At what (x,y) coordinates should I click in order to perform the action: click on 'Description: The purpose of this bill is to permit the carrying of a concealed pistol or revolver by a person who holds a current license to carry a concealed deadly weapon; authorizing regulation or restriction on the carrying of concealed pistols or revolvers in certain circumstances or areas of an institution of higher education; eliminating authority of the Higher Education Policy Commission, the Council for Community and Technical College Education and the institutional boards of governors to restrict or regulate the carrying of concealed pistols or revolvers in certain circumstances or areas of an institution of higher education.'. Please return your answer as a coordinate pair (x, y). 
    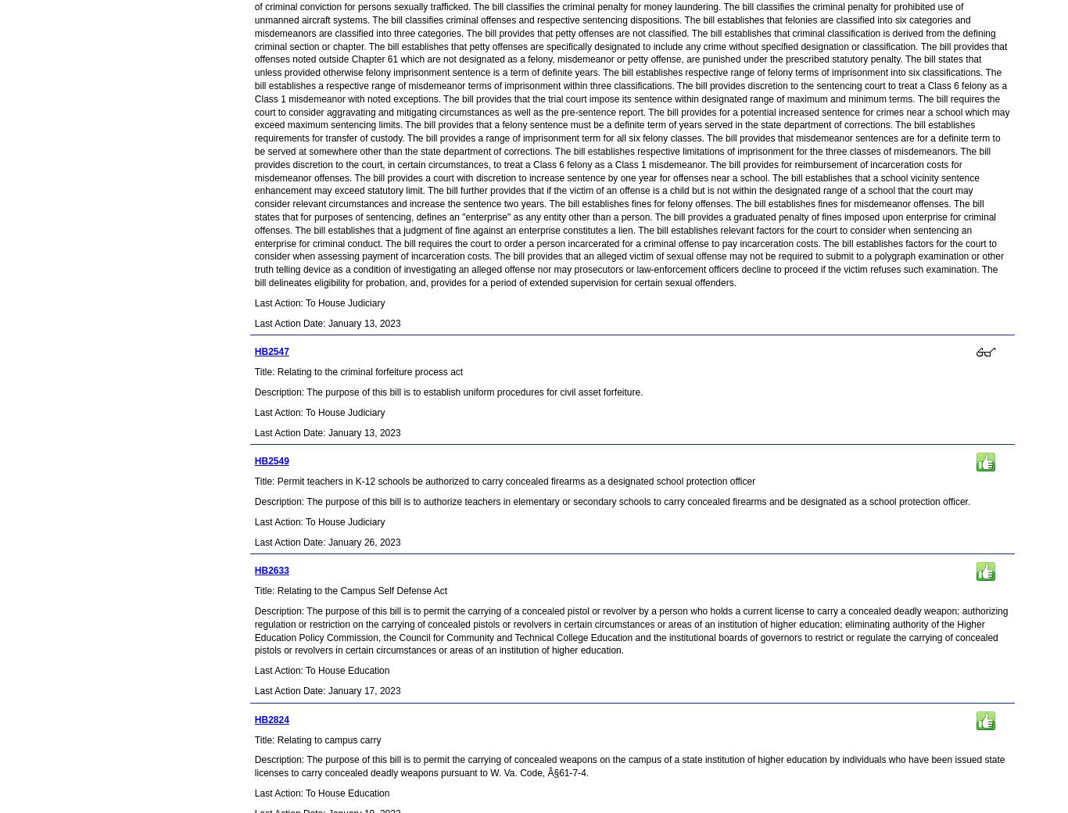
    Looking at the image, I should click on (253, 629).